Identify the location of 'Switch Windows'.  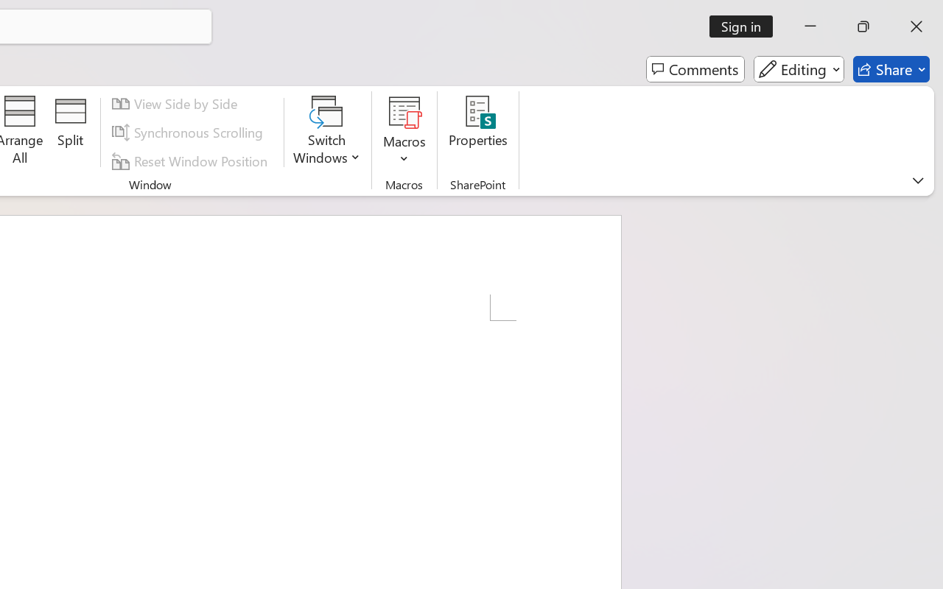
(326, 132).